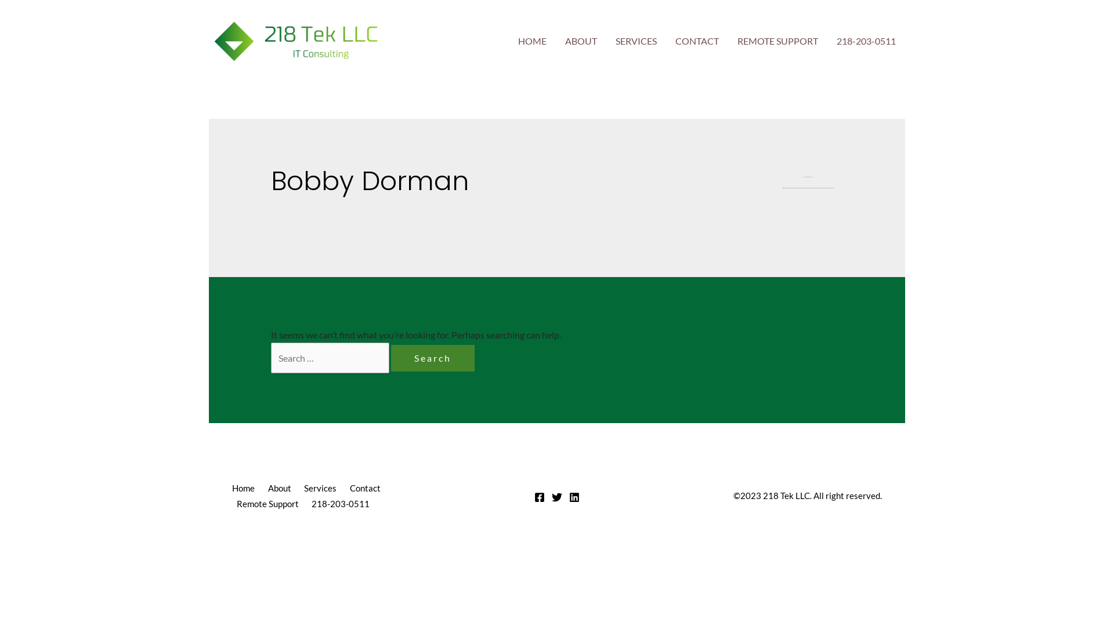  Describe the element at coordinates (322, 488) in the screenshot. I see `'Services'` at that location.